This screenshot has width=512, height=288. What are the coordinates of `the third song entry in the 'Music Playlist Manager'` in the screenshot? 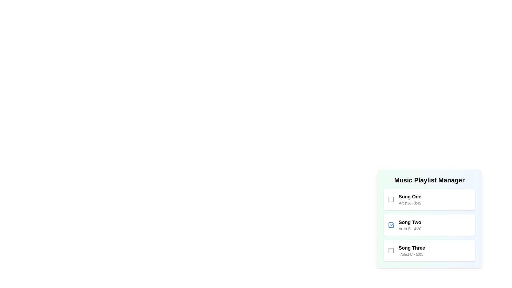 It's located at (429, 251).